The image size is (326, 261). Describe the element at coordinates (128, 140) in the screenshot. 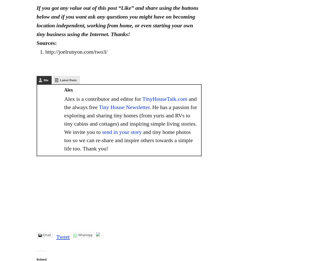

I see `'and tiny home photos too so we can re-share and inspire others towards a simple life too. Thank you!'` at that location.